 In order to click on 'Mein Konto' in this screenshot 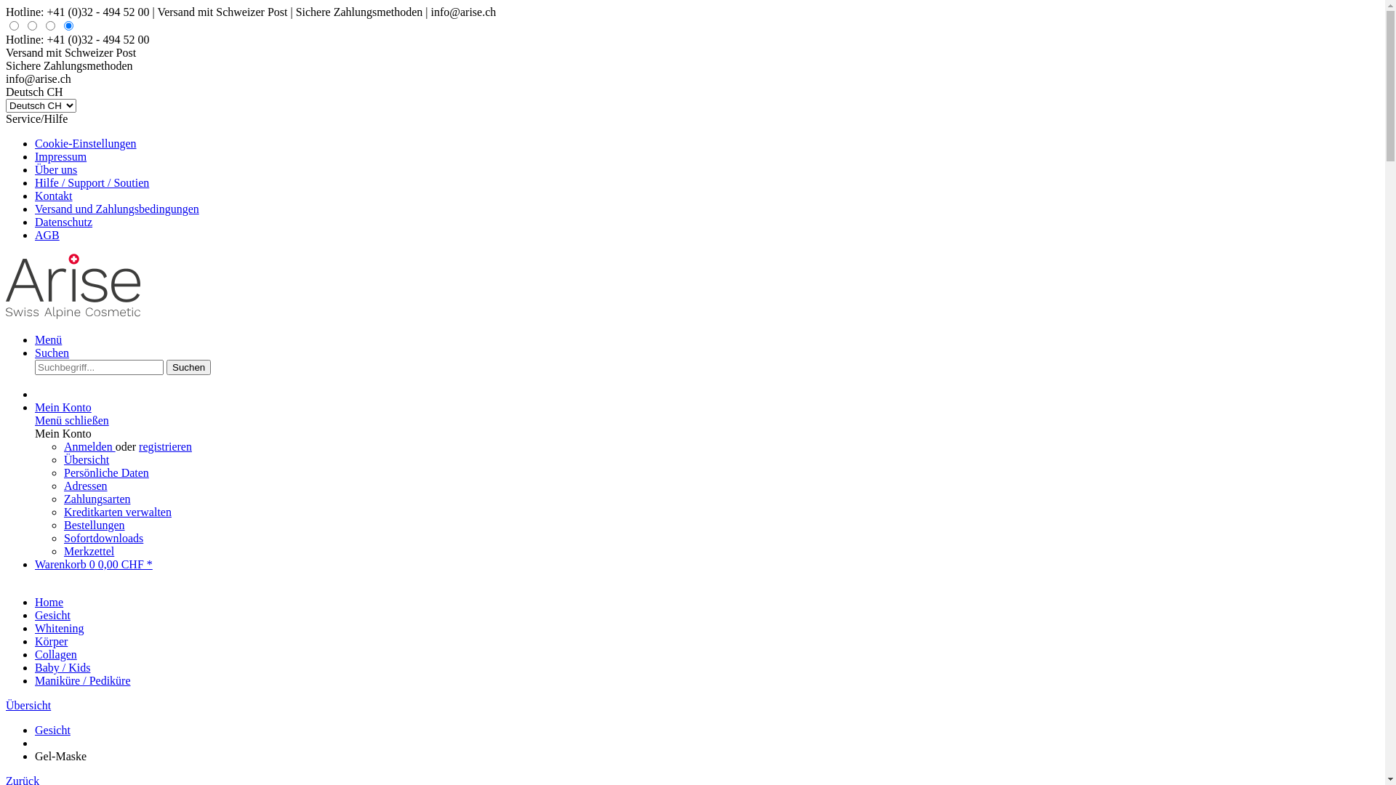, I will do `click(35, 407)`.